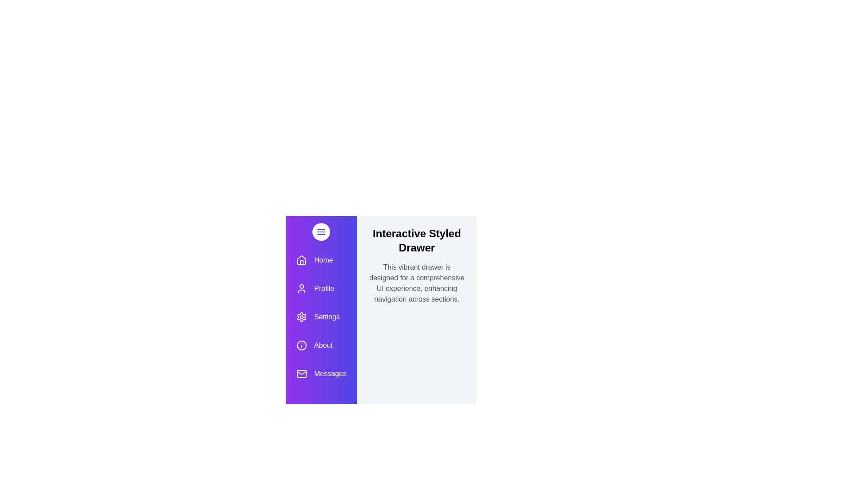 This screenshot has width=852, height=479. I want to click on the menu item labeled Home, so click(321, 259).